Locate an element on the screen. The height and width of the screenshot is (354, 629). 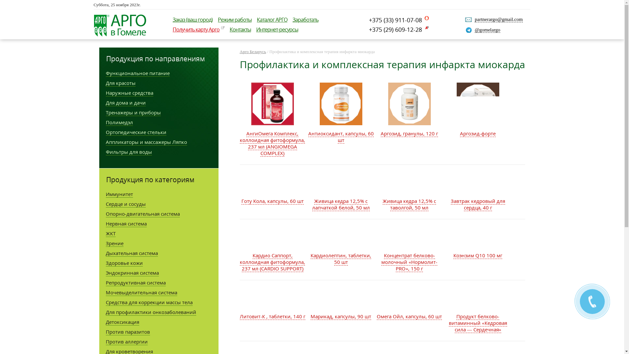
'+375 (29) 609-12-28' is located at coordinates (369, 29).